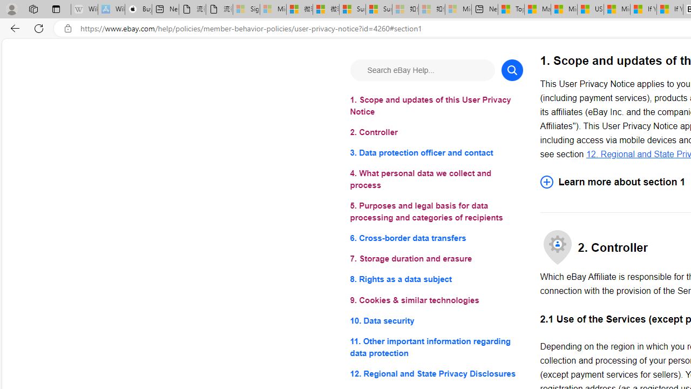 The width and height of the screenshot is (691, 389). What do you see at coordinates (436, 238) in the screenshot?
I see `'6. Cross-border data transfers'` at bounding box center [436, 238].